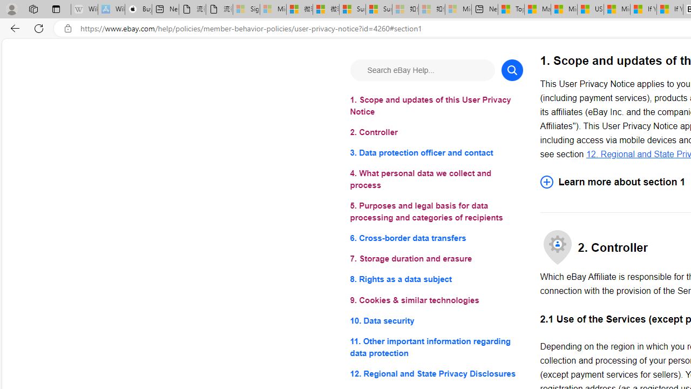 The width and height of the screenshot is (691, 389). What do you see at coordinates (436, 238) in the screenshot?
I see `'6. Cross-border data transfers'` at bounding box center [436, 238].